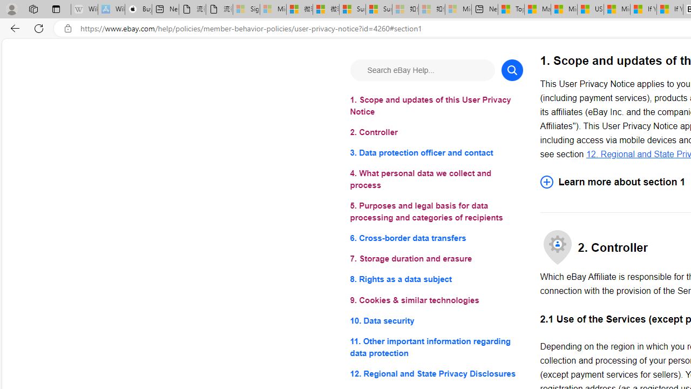 The width and height of the screenshot is (691, 389). What do you see at coordinates (436, 238) in the screenshot?
I see `'6. Cross-border data transfers'` at bounding box center [436, 238].